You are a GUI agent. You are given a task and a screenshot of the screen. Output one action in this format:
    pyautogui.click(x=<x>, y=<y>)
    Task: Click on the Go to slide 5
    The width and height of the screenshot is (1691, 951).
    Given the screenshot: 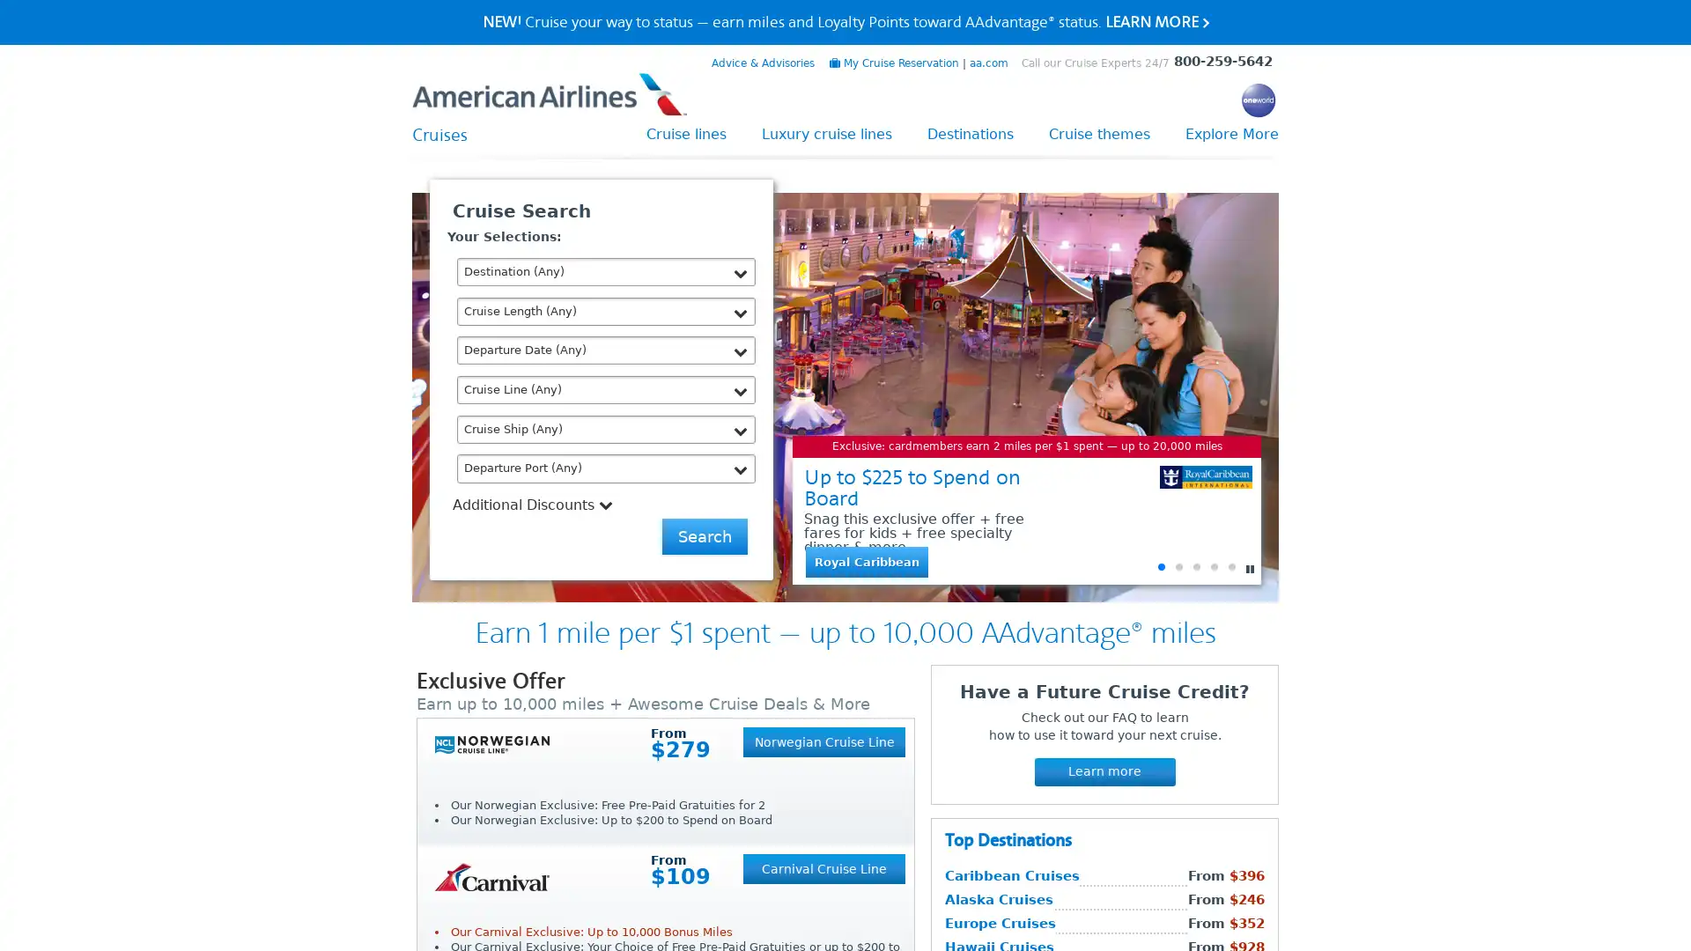 What is the action you would take?
    pyautogui.click(x=1229, y=567)
    